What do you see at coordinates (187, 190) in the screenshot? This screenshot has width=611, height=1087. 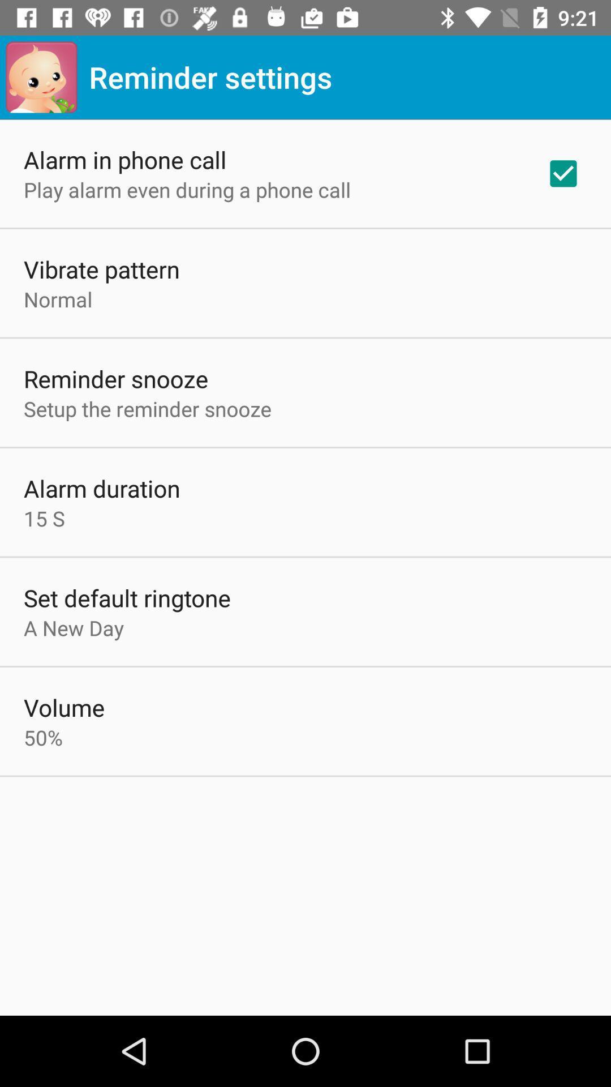 I see `the app above vibrate pattern` at bounding box center [187, 190].